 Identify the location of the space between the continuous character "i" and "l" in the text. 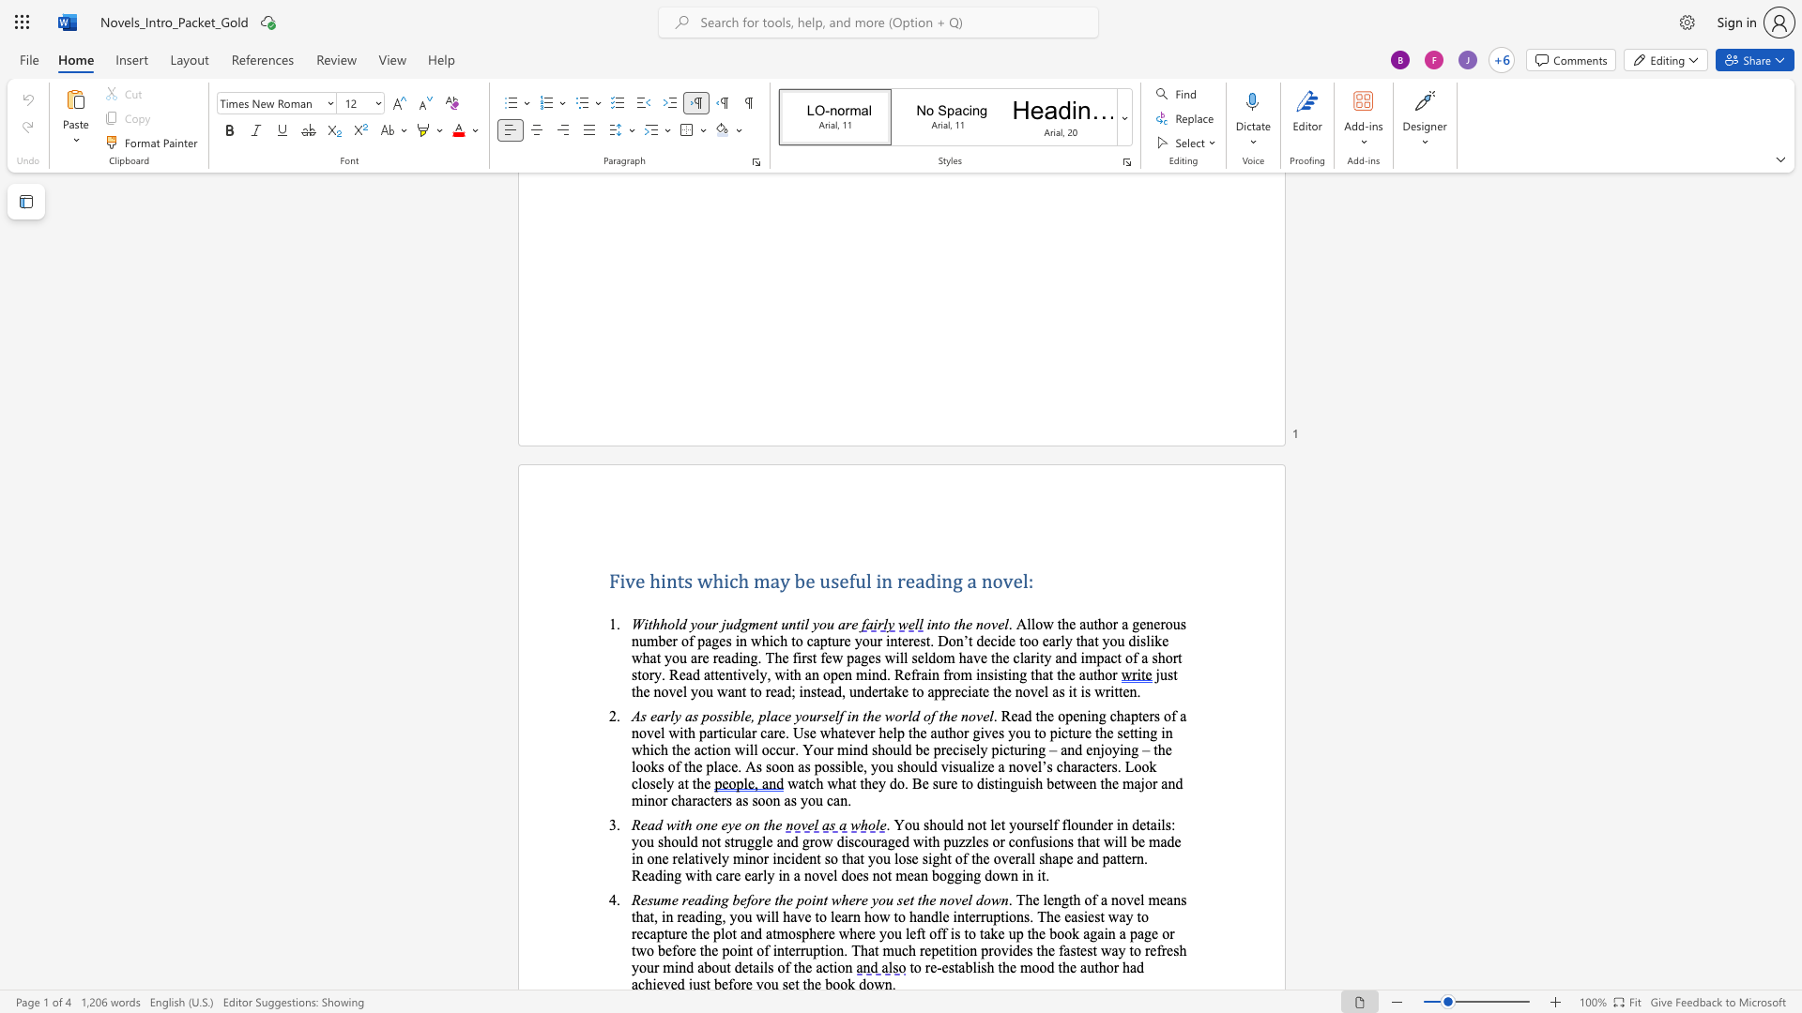
(804, 624).